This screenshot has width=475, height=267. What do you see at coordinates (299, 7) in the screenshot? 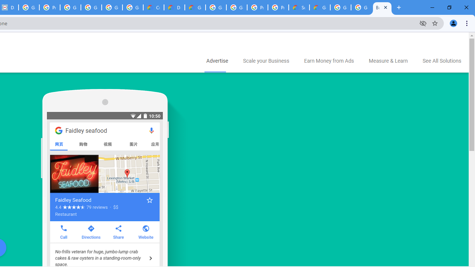
I see `'Support Hub | Google Cloud'` at bounding box center [299, 7].